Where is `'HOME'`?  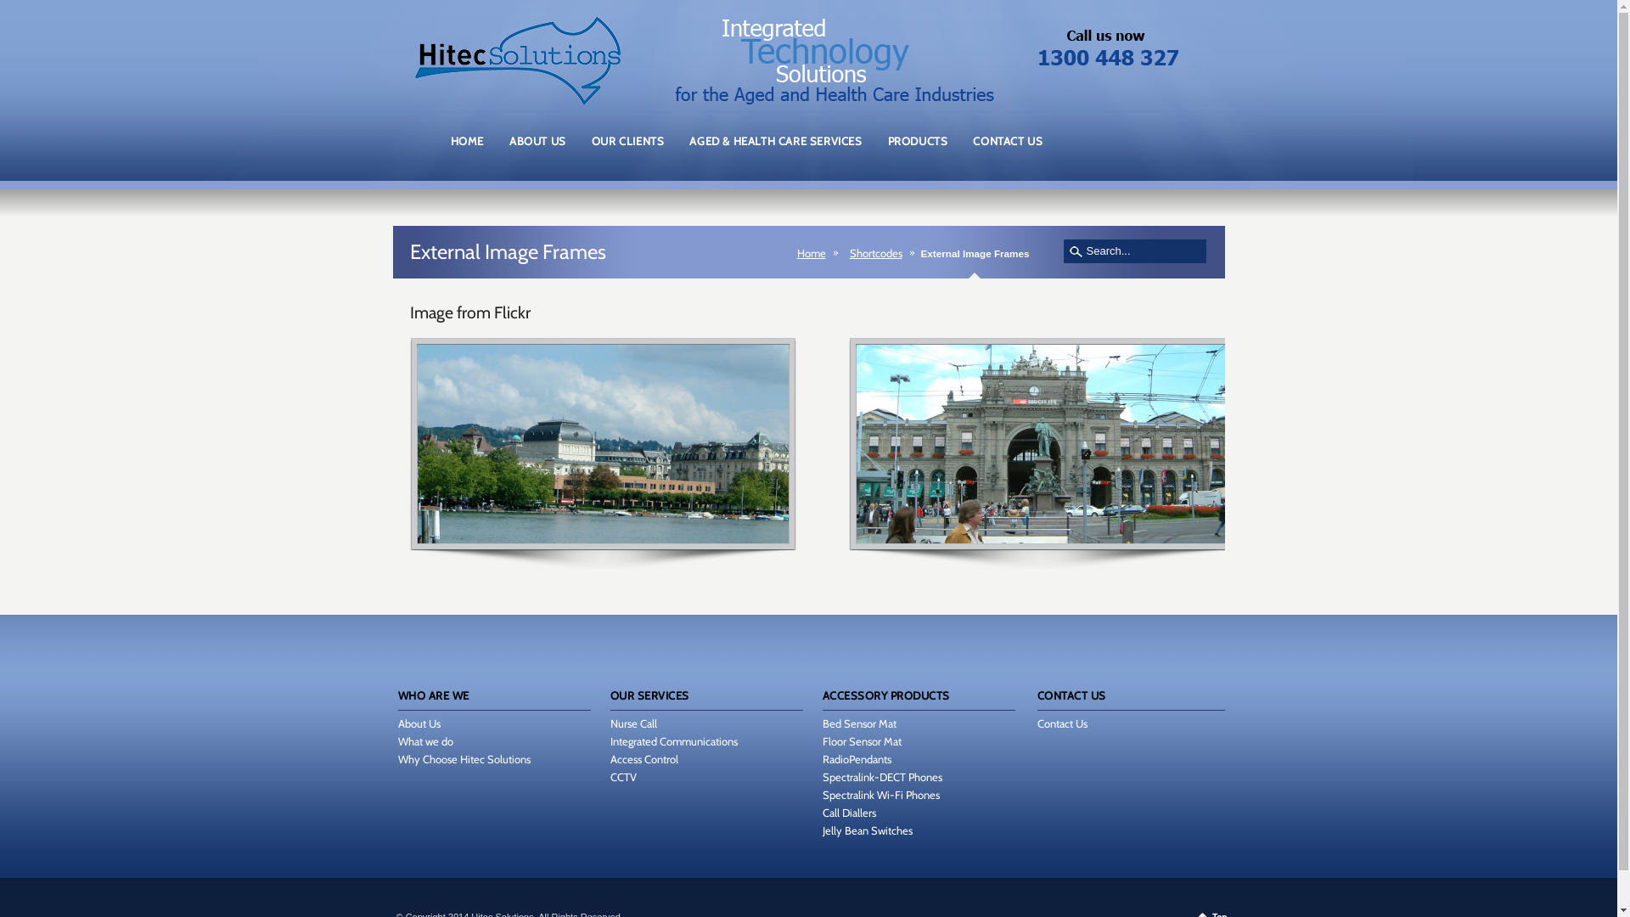 'HOME' is located at coordinates (466, 149).